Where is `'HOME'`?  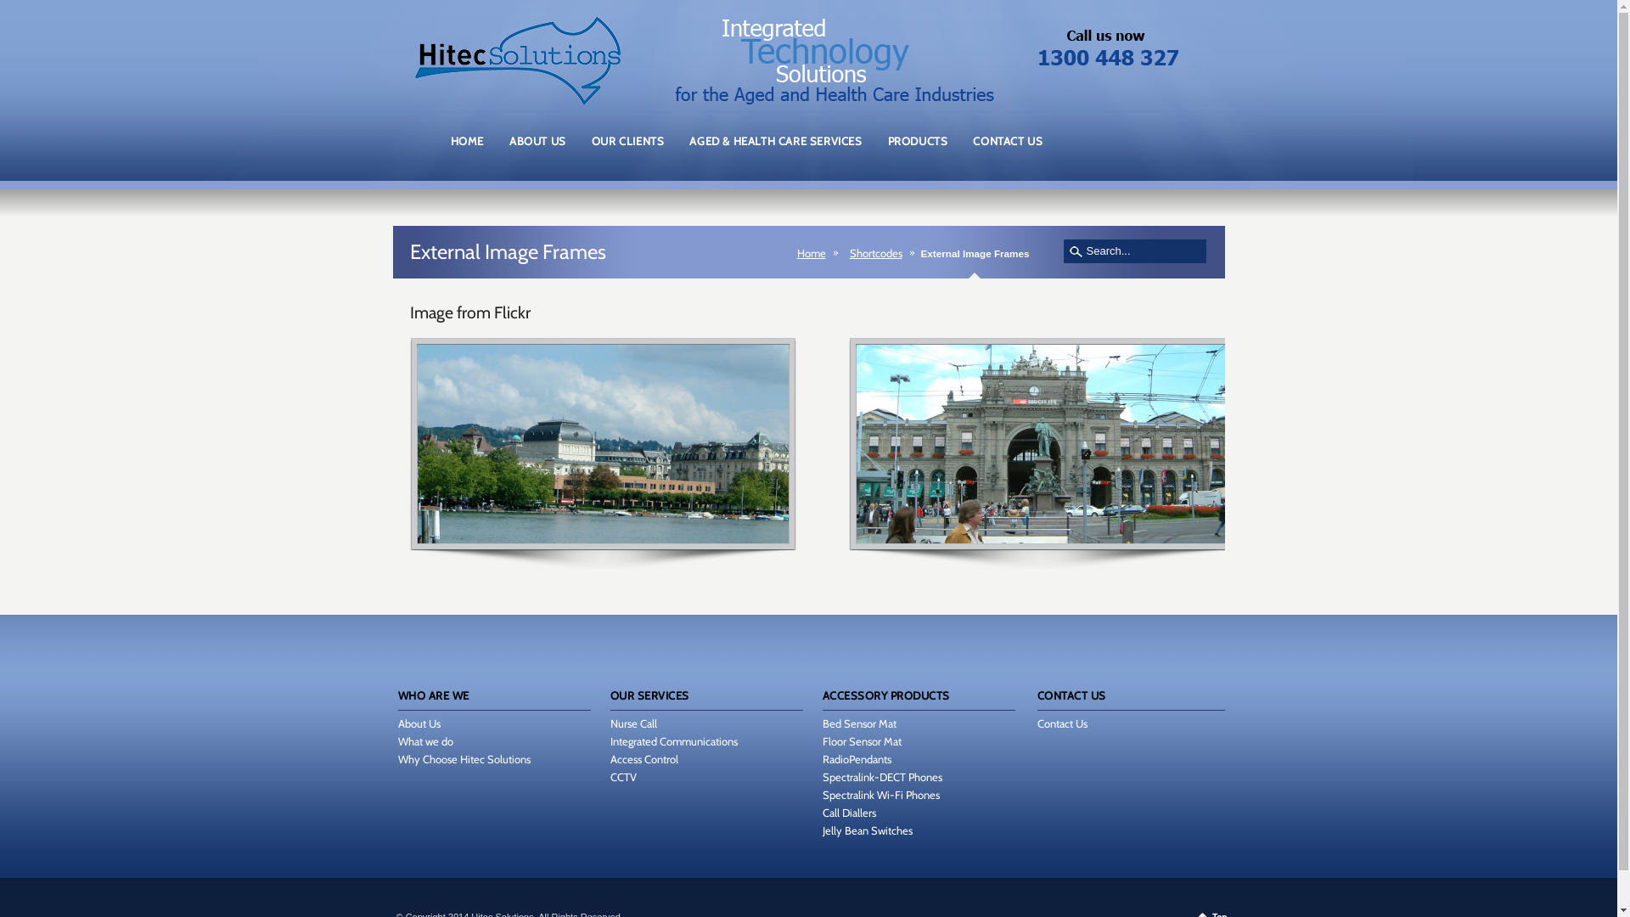 'HOME' is located at coordinates (466, 149).